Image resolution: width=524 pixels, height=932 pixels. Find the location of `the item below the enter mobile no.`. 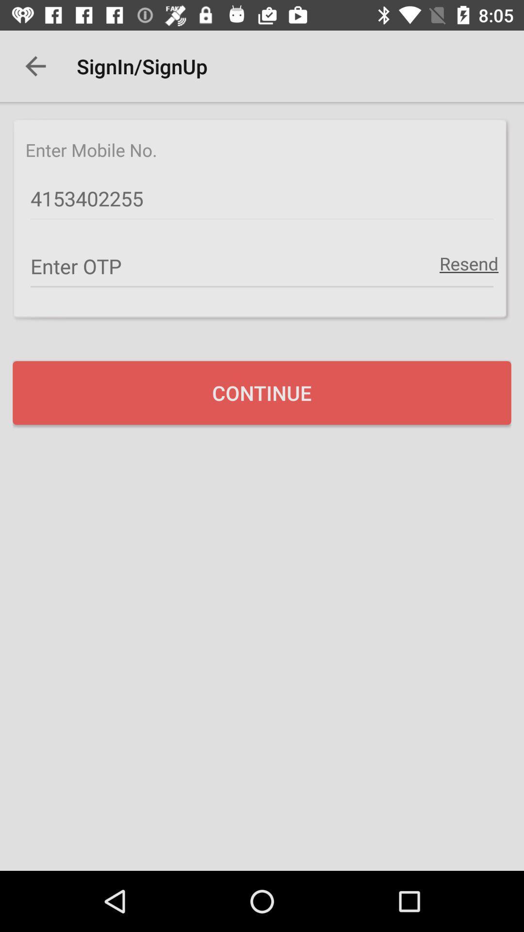

the item below the enter mobile no. is located at coordinates (262, 199).